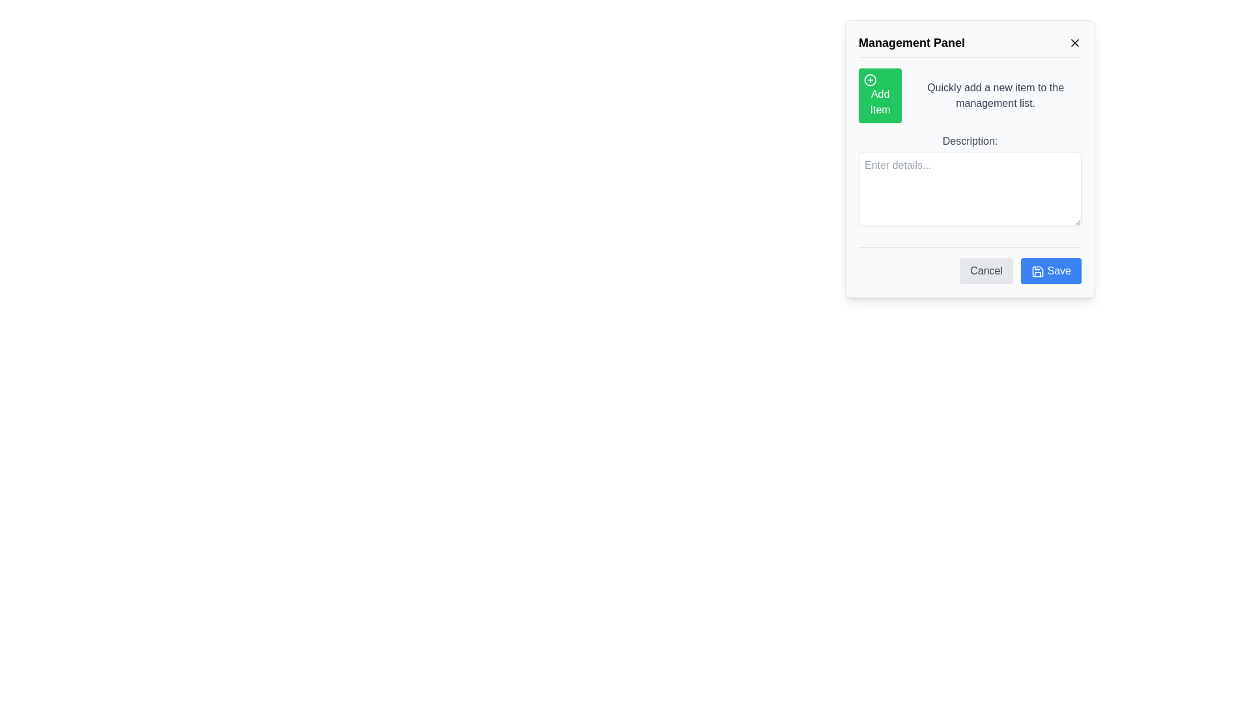 The image size is (1251, 704). What do you see at coordinates (1037, 271) in the screenshot?
I see `the save icon located on the blue 'Save' button at the bottom right of the popup panel to potentially see a tooltip` at bounding box center [1037, 271].